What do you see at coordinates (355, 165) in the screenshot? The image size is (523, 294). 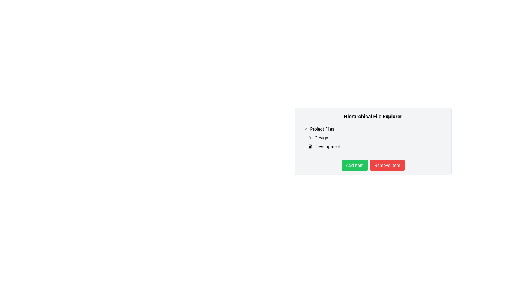 I see `the leftmost button in the horizontal row at the bottom of the 'Hierarchical File Explorer' section to change its color` at bounding box center [355, 165].